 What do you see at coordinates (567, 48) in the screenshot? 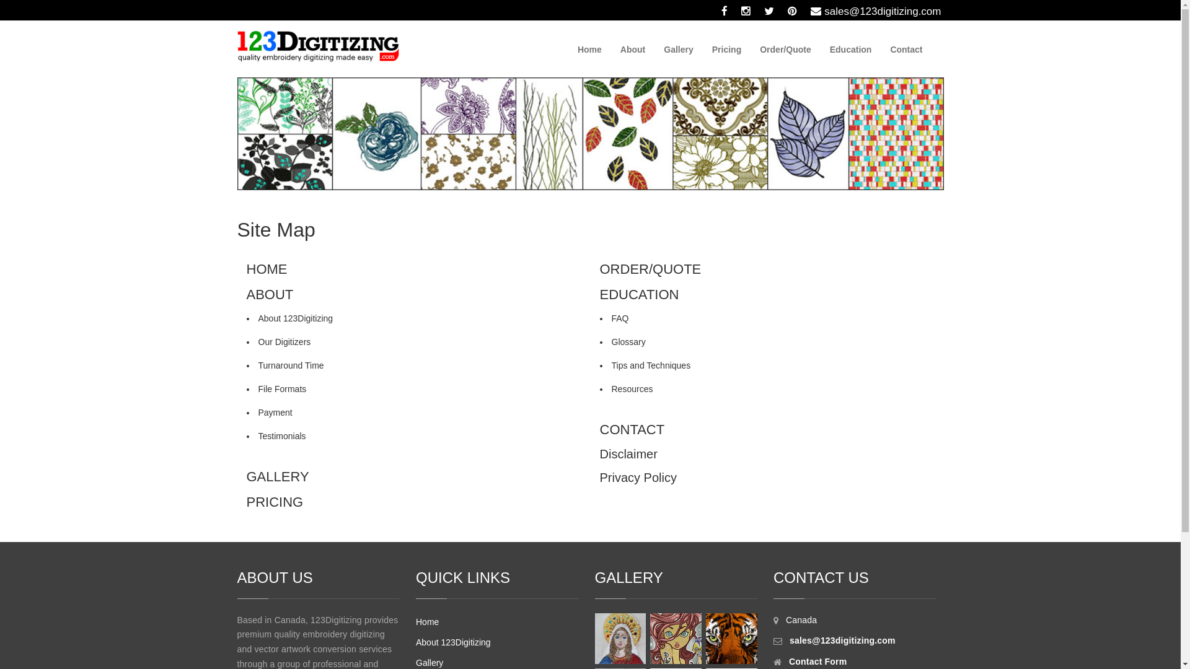
I see `'Home'` at bounding box center [567, 48].